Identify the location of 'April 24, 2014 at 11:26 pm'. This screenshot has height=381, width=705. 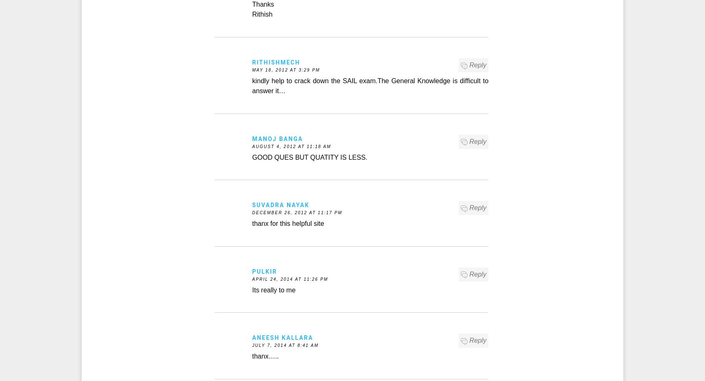
(290, 278).